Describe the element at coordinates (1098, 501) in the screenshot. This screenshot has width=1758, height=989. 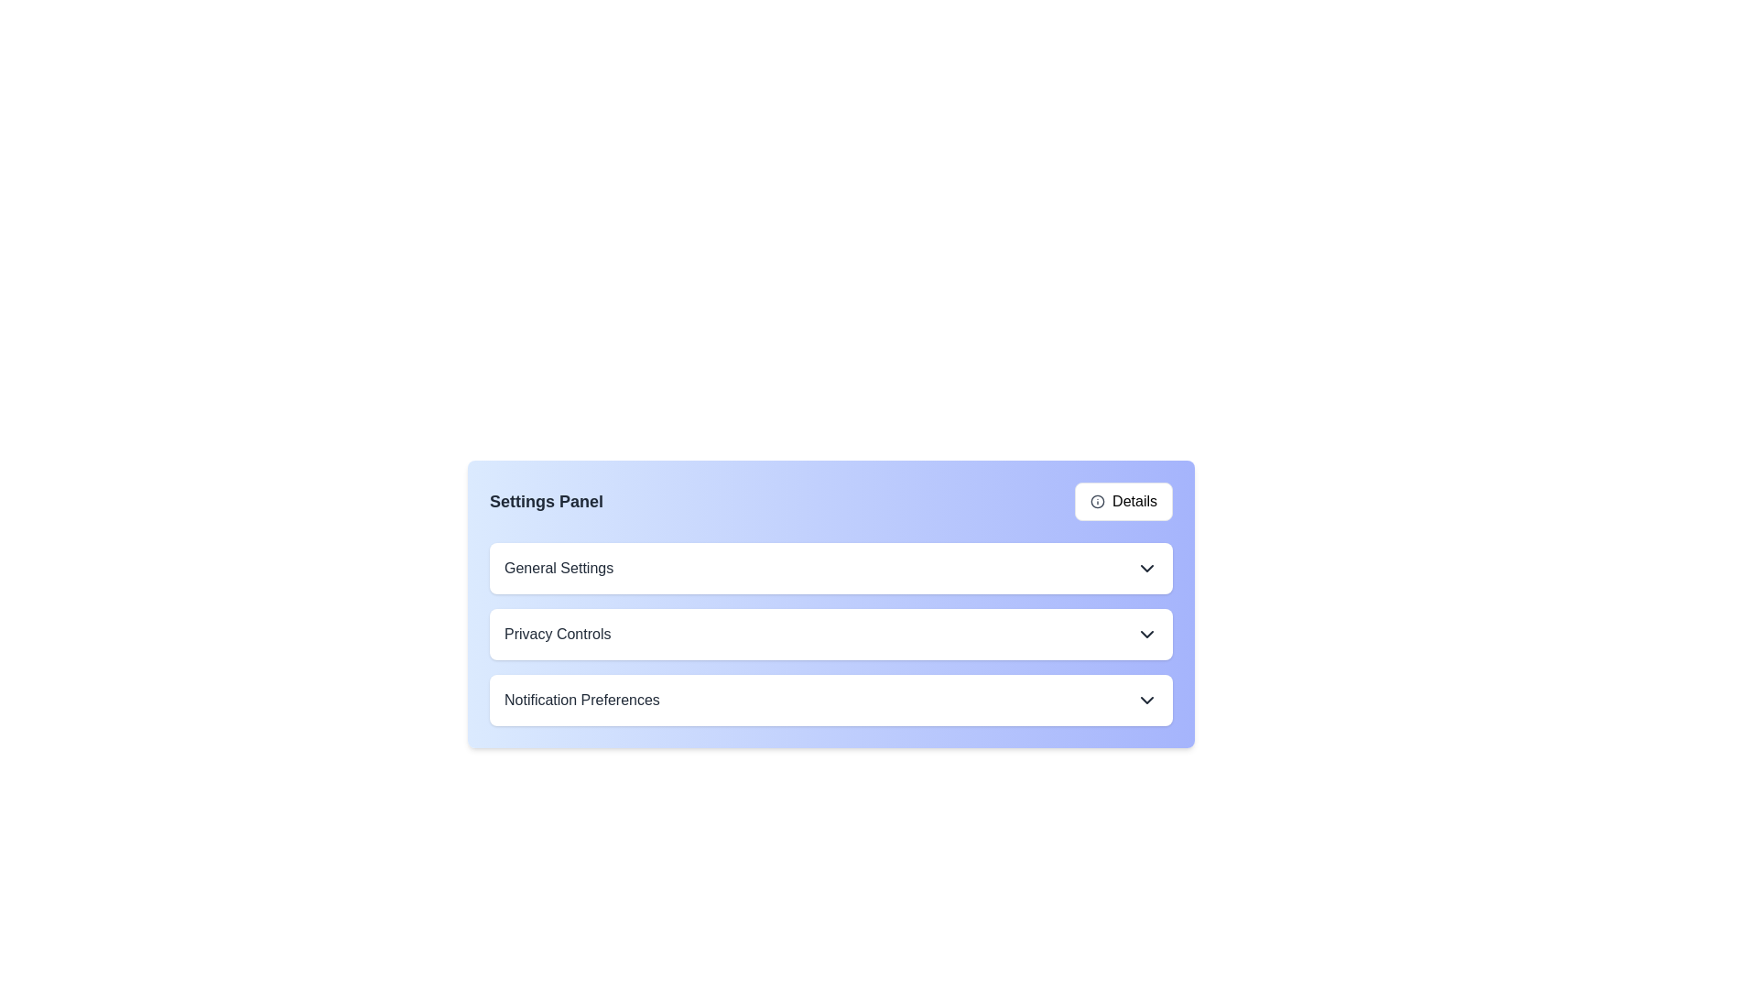
I see `the circular information icon on the left side of the 'Details' button located at the top right corner of the panel interface` at that location.